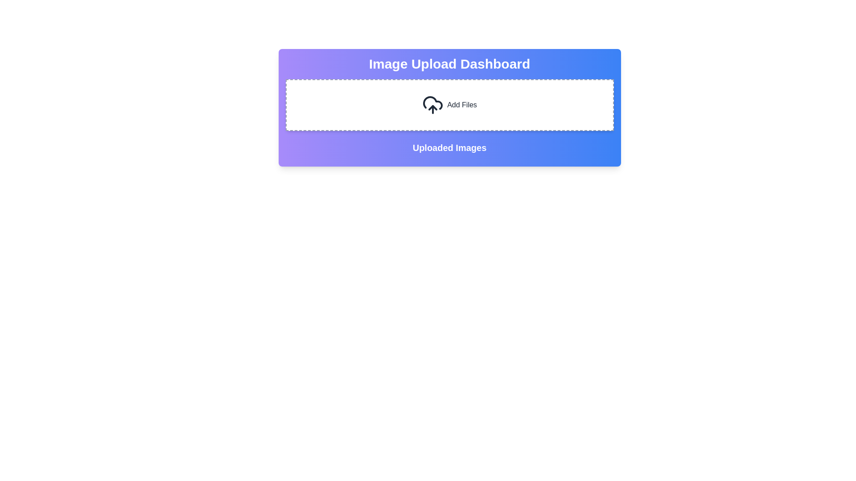 The height and width of the screenshot is (481, 856). What do you see at coordinates (449, 104) in the screenshot?
I see `the interactive file upload area, which features a centered upload icon and 'Add Files' text` at bounding box center [449, 104].